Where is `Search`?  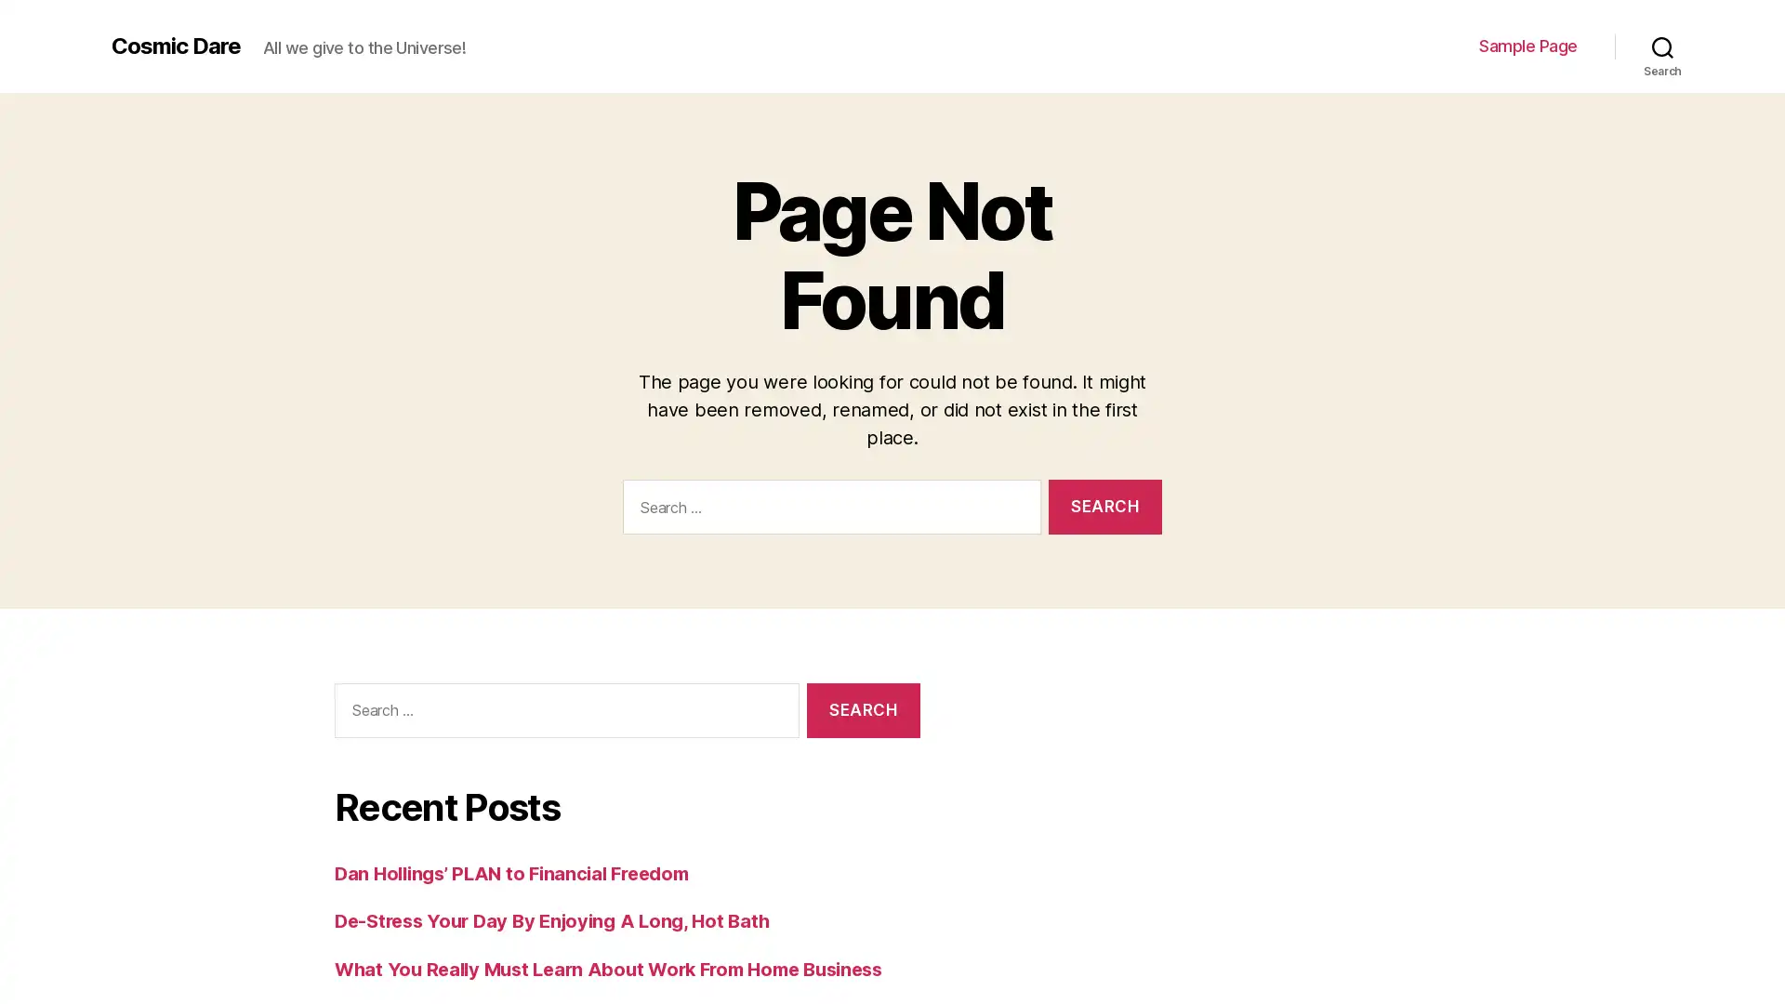
Search is located at coordinates (862, 709).